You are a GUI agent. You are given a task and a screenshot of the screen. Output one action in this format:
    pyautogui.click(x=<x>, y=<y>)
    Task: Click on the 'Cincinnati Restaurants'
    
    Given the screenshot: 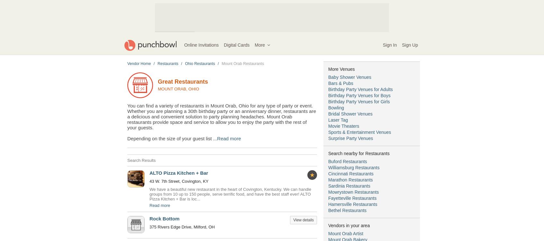 What is the action you would take?
    pyautogui.click(x=351, y=174)
    